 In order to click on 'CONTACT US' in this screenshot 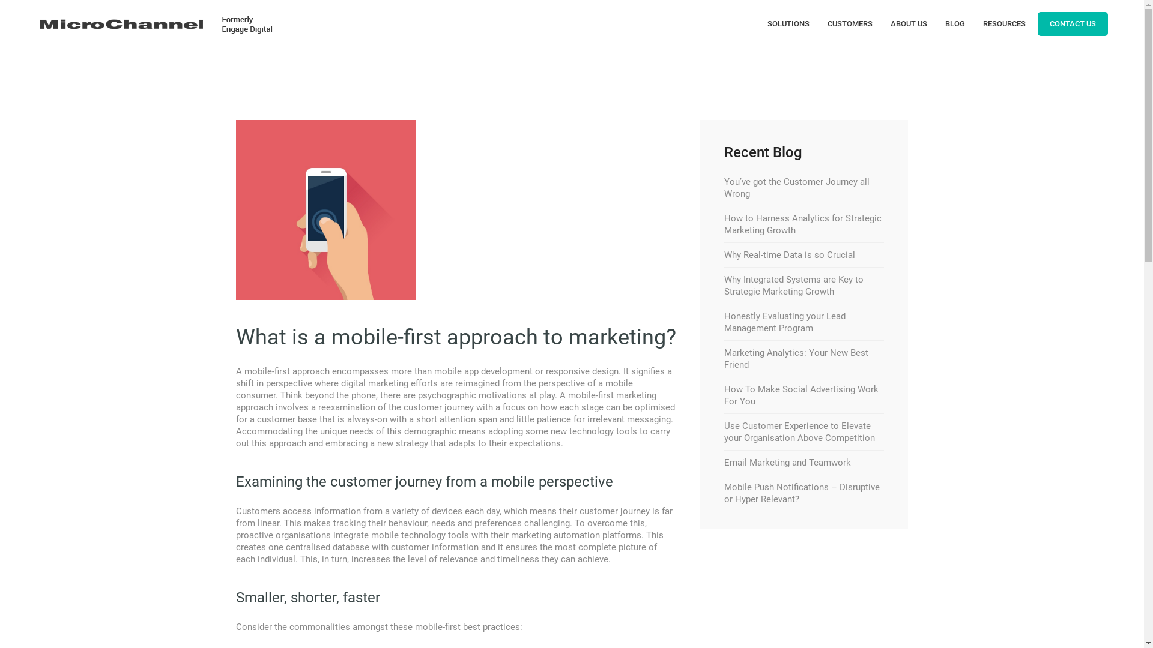, I will do `click(1073, 23)`.